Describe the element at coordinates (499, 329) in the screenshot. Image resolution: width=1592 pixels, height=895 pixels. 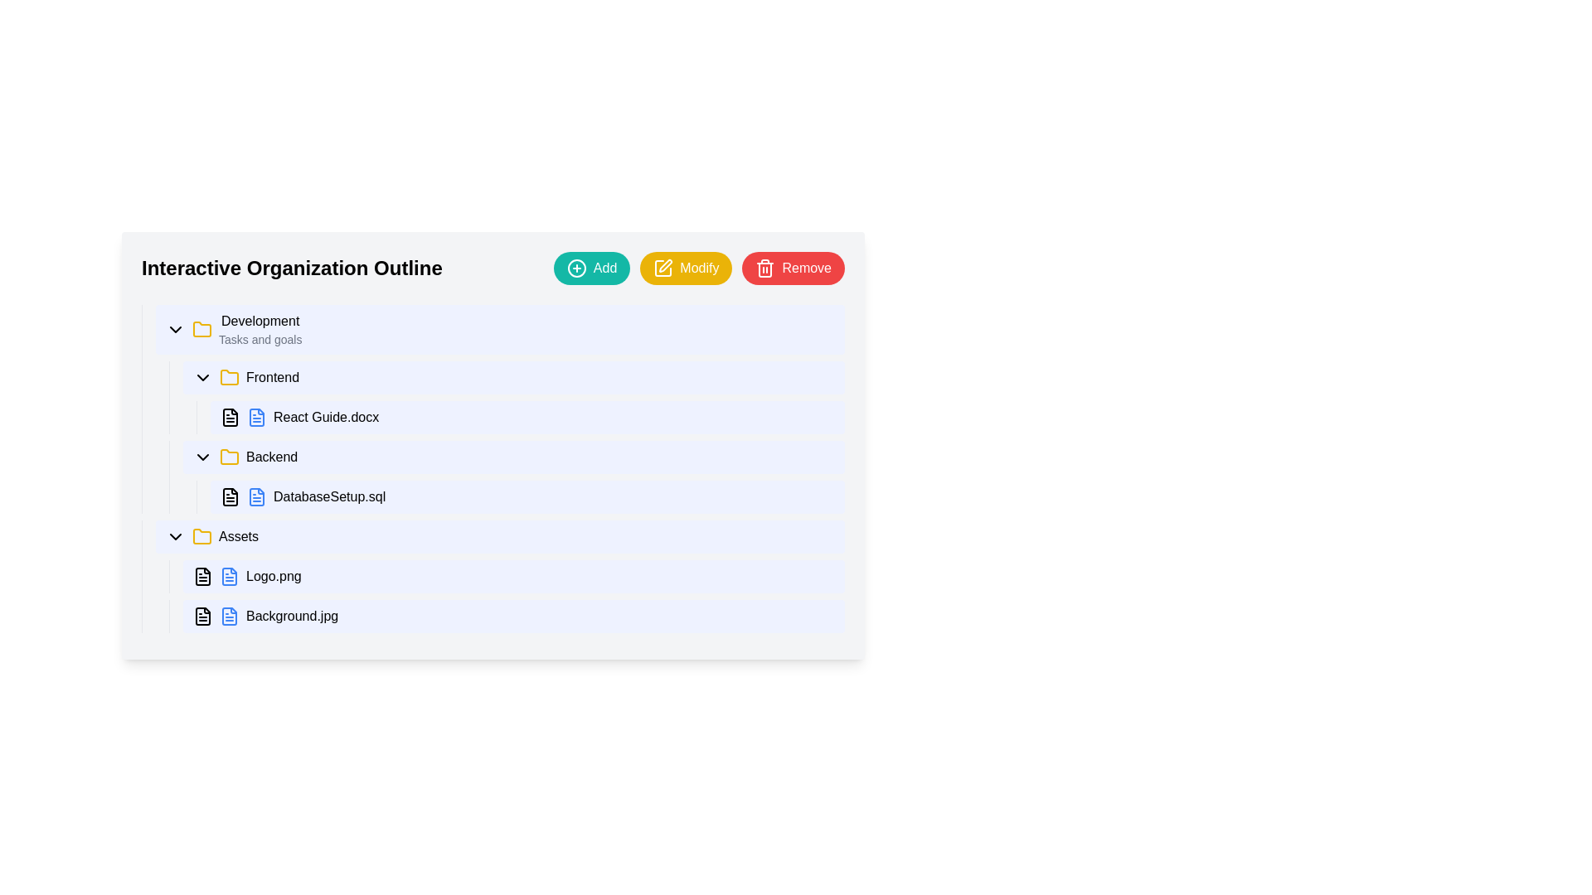
I see `the 'Development' folder header` at that location.